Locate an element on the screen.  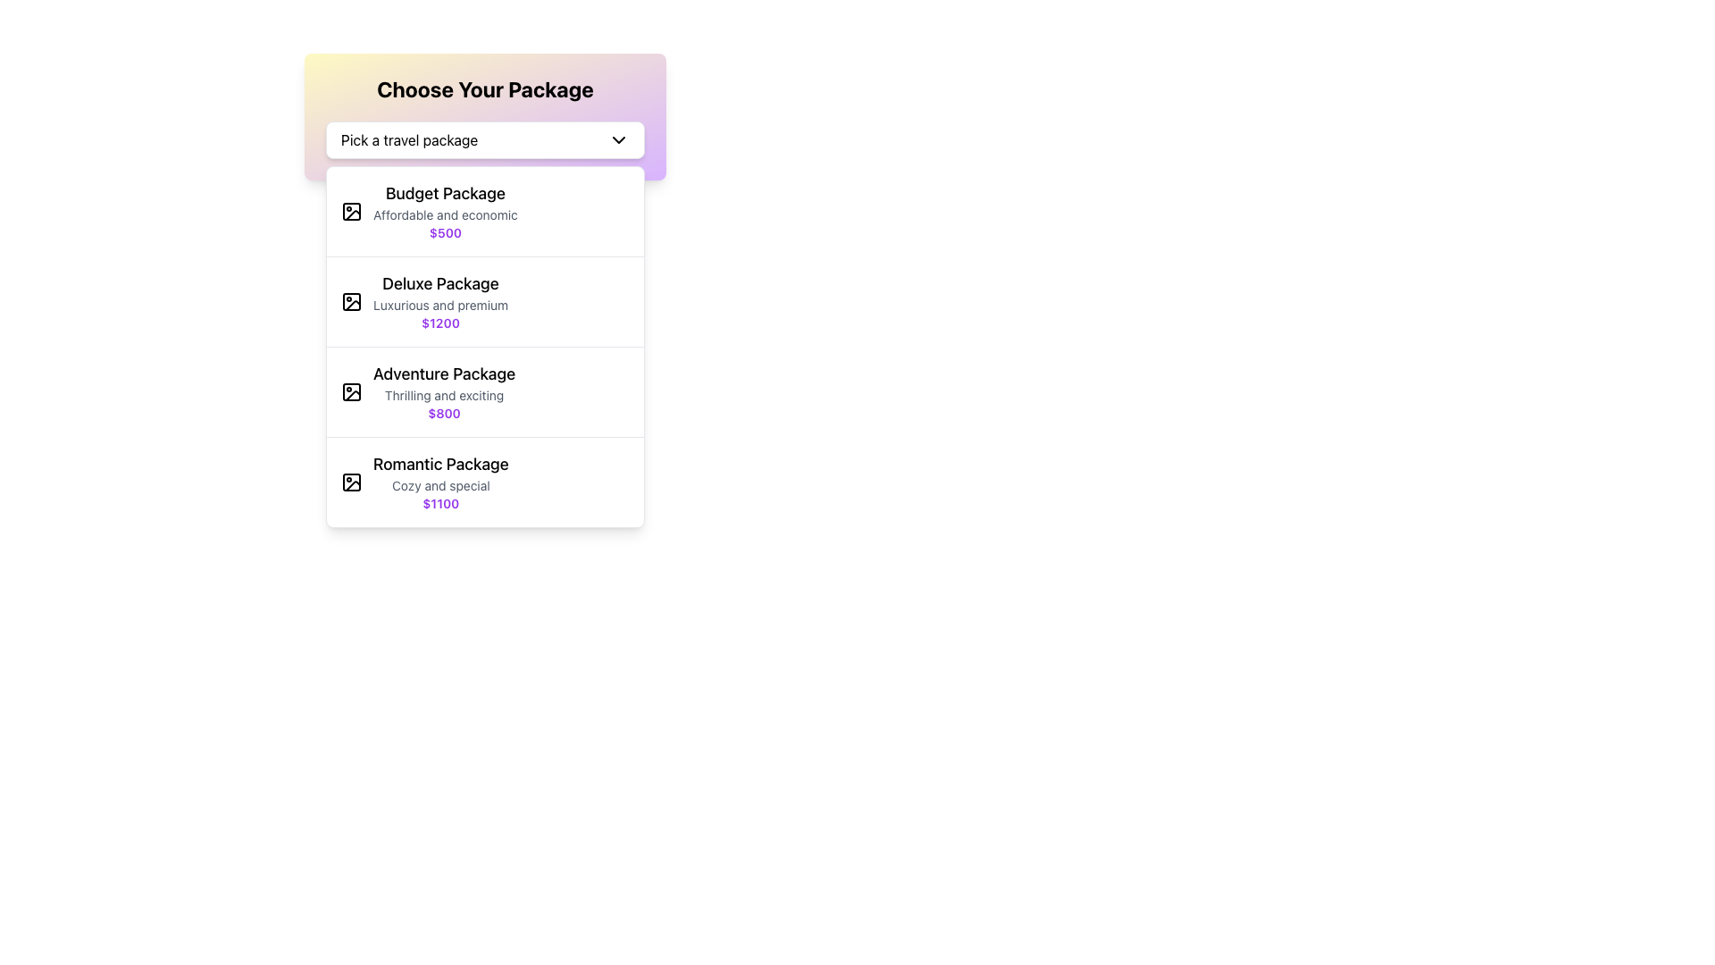
the main bounding rectangle of the 'Adventure Package' icon, which is a rounded rectangle located at the upper-left corner of the icon is located at coordinates (351, 391).